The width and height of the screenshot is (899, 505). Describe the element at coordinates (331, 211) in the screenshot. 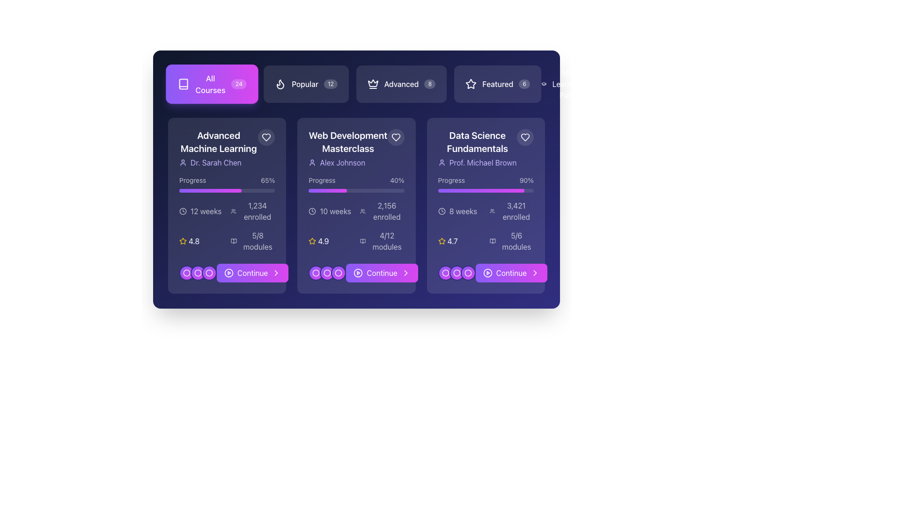

I see `the text label displaying '10 weeks' with a clock icon, located in the second column of the grid layout, below the progress bar, and above the '2,156 enrolled' text in the 'Web Development Masterclass' card` at that location.